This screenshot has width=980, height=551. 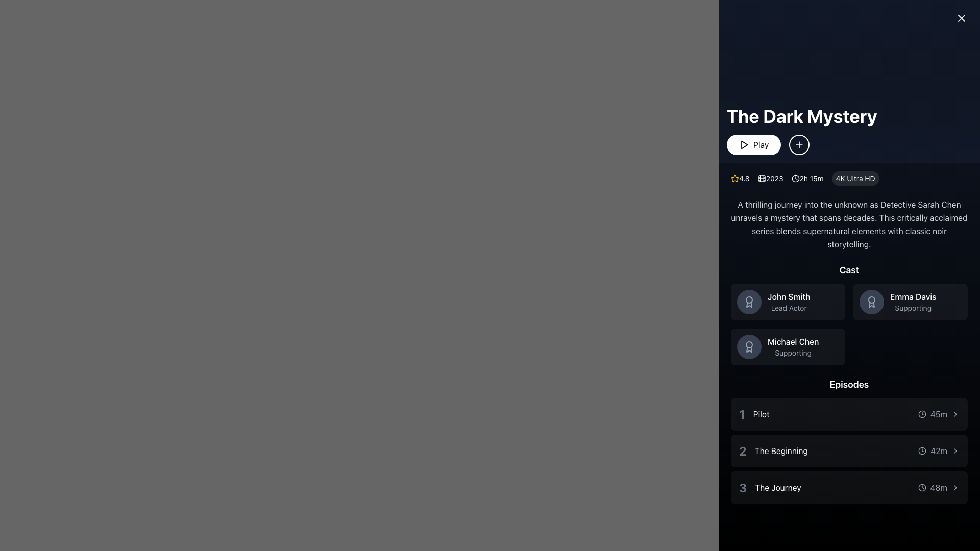 What do you see at coordinates (735, 178) in the screenshot?
I see `the star-shaped icon component, styled to represent a rating in the UI, for rating information` at bounding box center [735, 178].